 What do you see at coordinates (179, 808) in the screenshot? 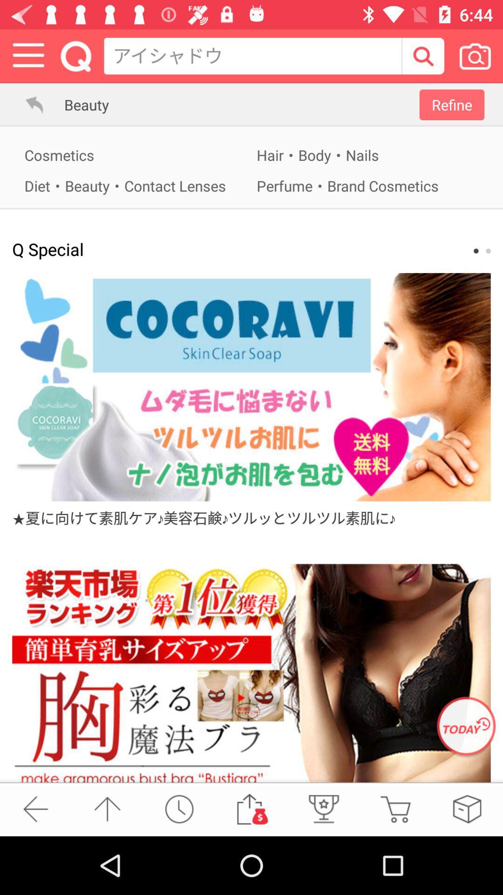
I see `outoplay button reloade` at bounding box center [179, 808].